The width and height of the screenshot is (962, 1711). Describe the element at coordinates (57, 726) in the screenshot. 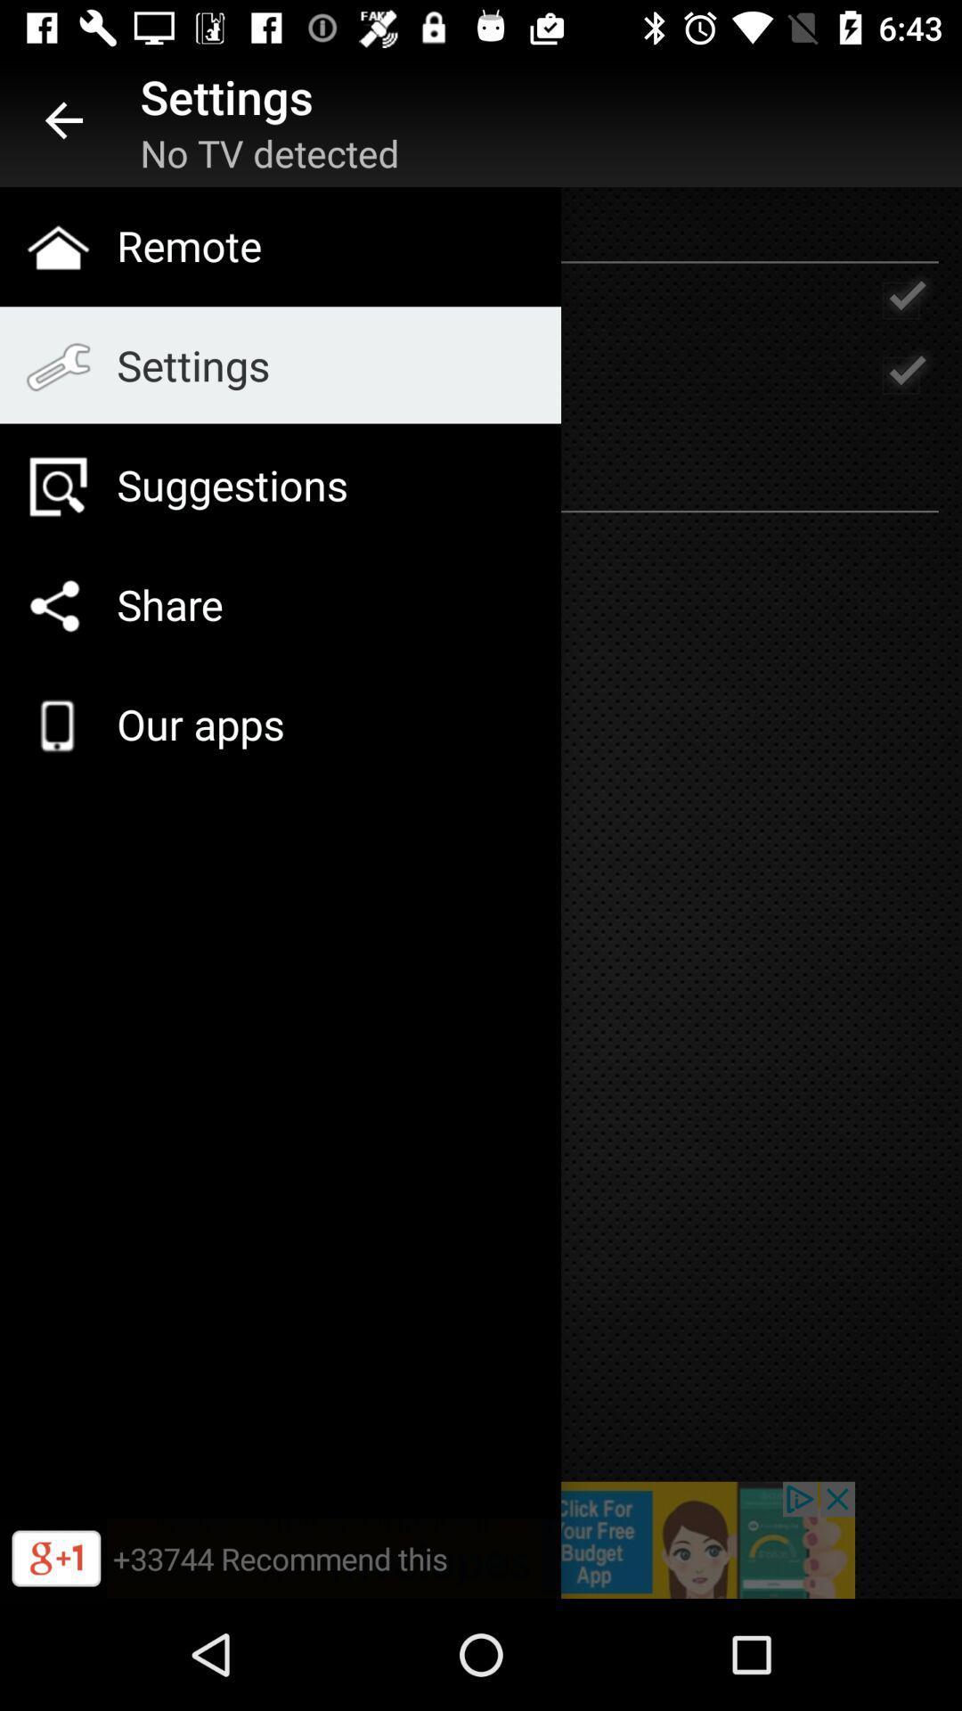

I see `the cellphone image icon to the left of our apps text` at that location.